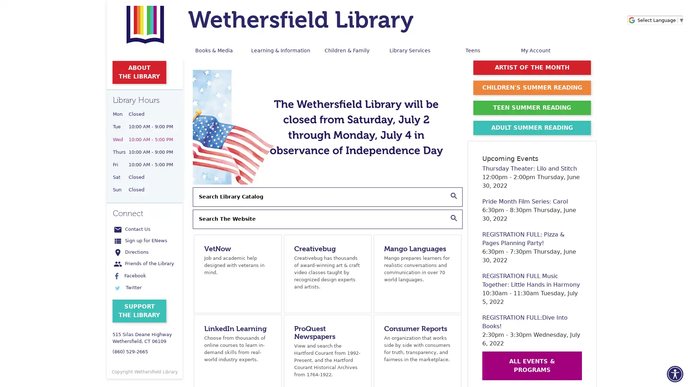 The width and height of the screenshot is (688, 387). I want to click on Search, so click(454, 218).